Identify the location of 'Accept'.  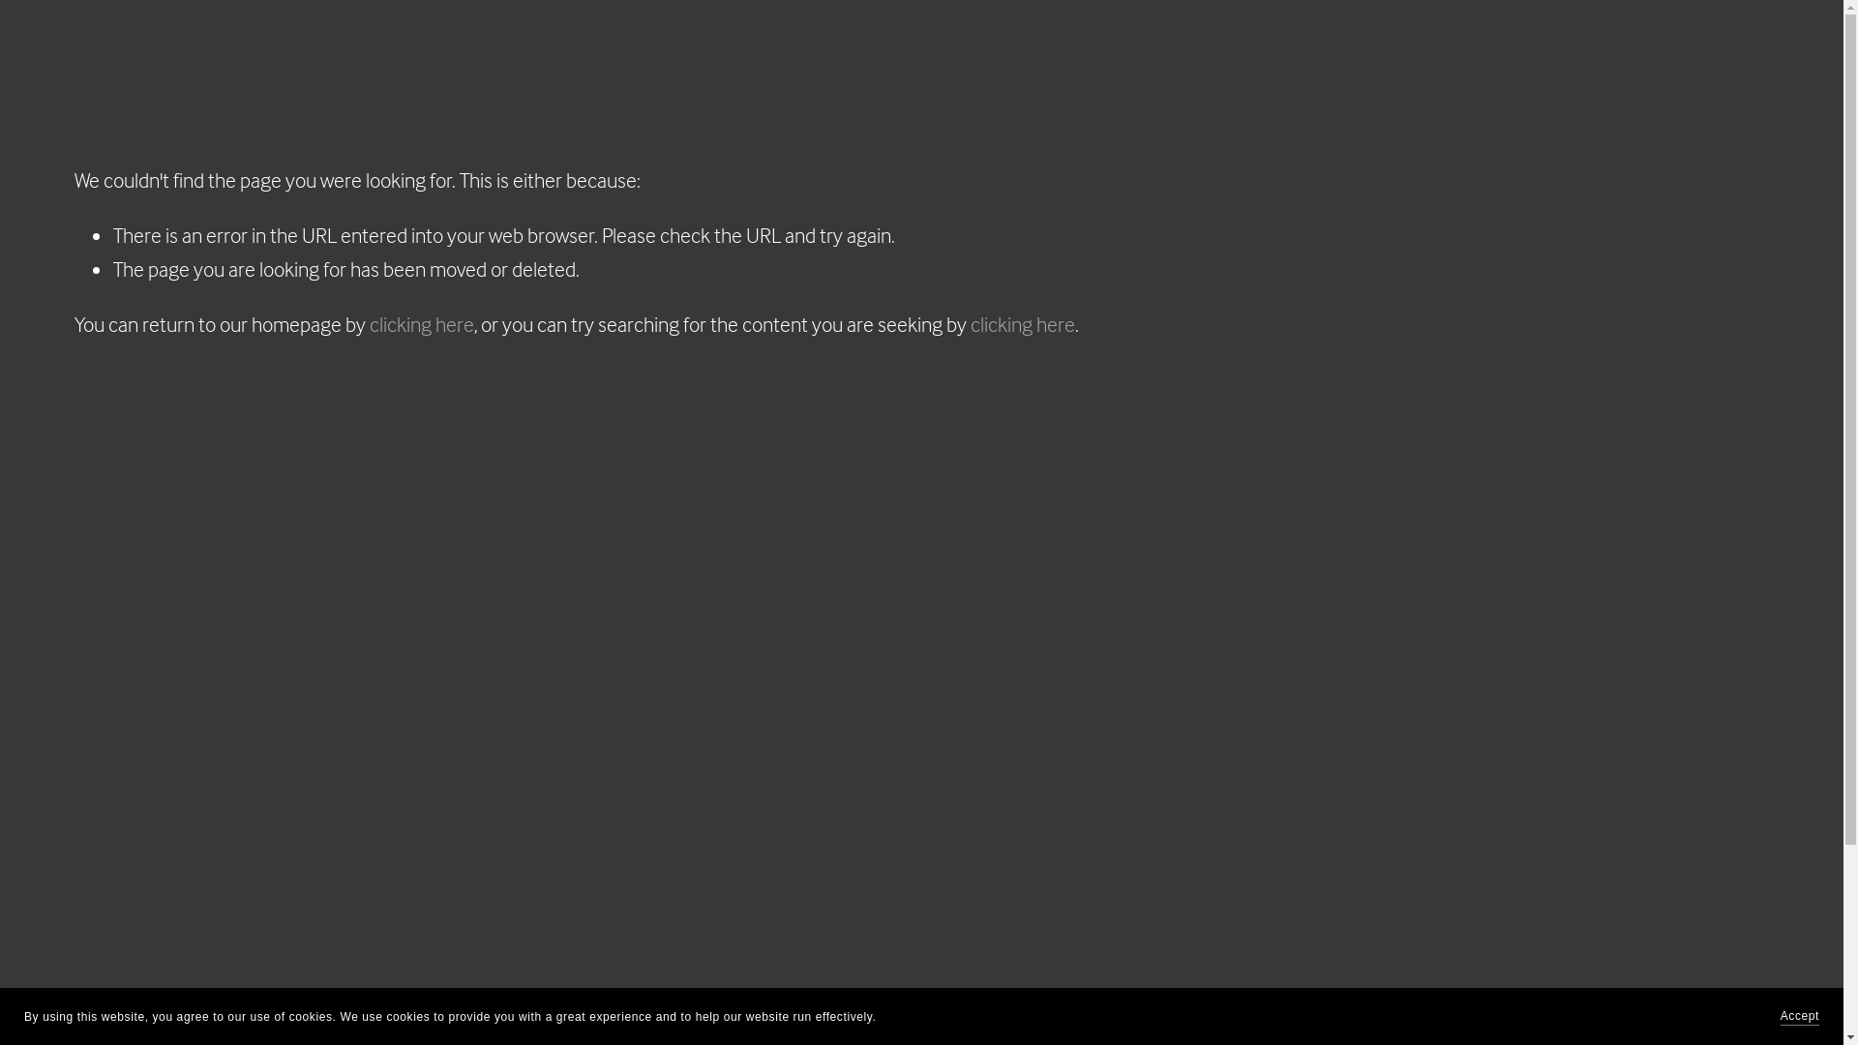
(1799, 1015).